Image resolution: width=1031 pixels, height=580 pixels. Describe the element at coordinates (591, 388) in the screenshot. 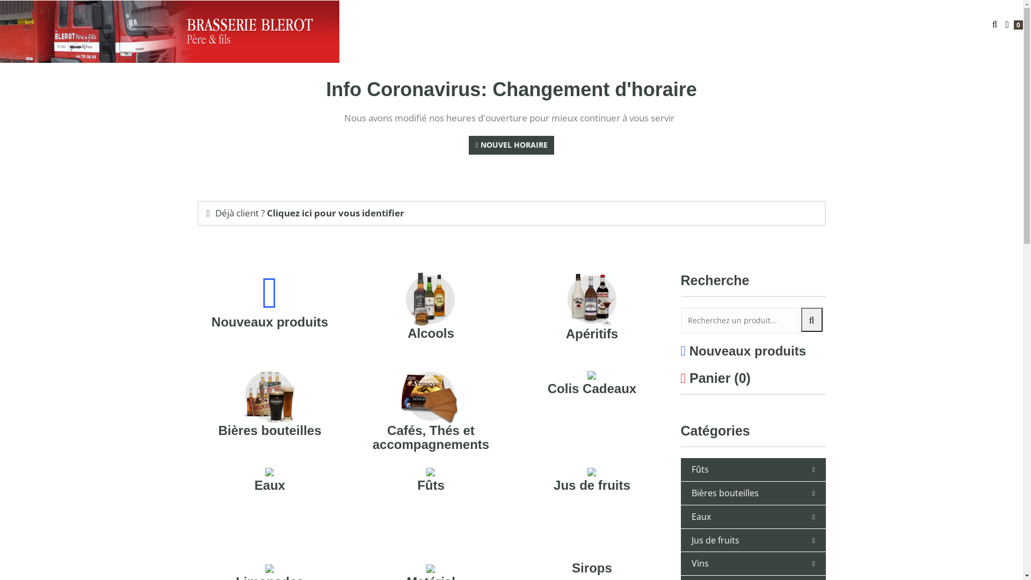

I see `'Colis Cadeaux'` at that location.